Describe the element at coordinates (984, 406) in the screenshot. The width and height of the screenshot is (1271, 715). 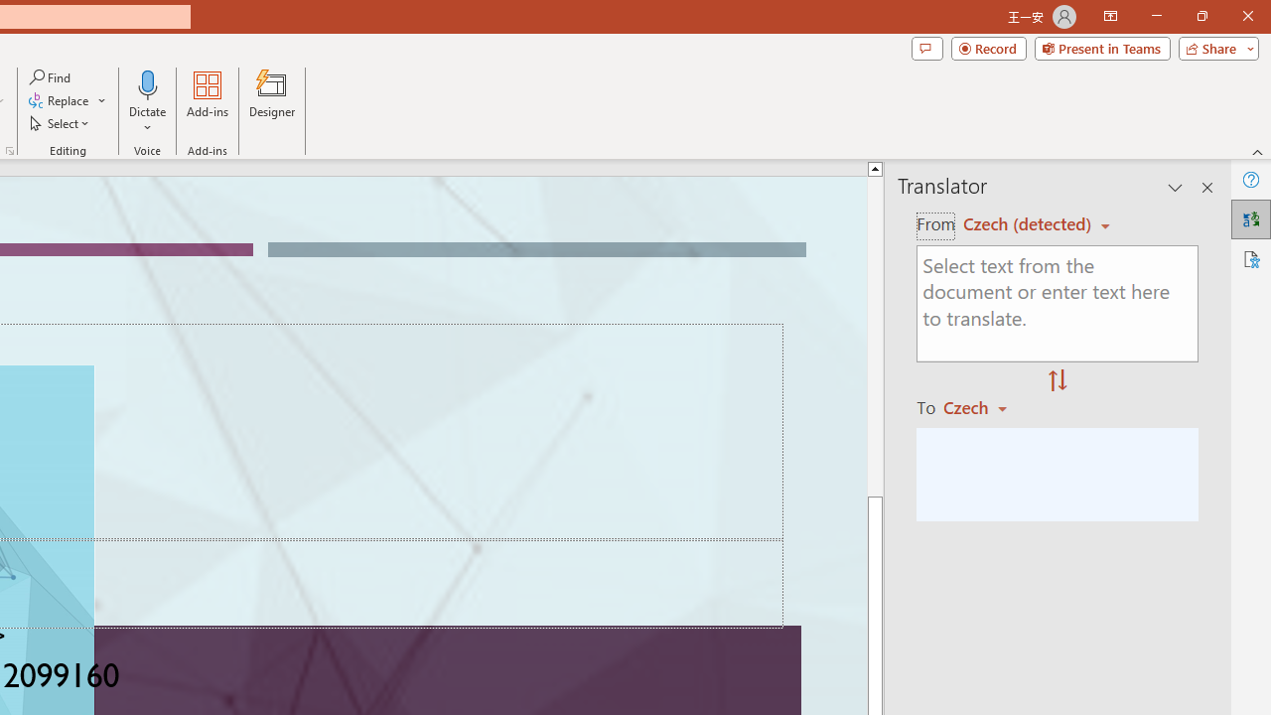
I see `'Czech'` at that location.